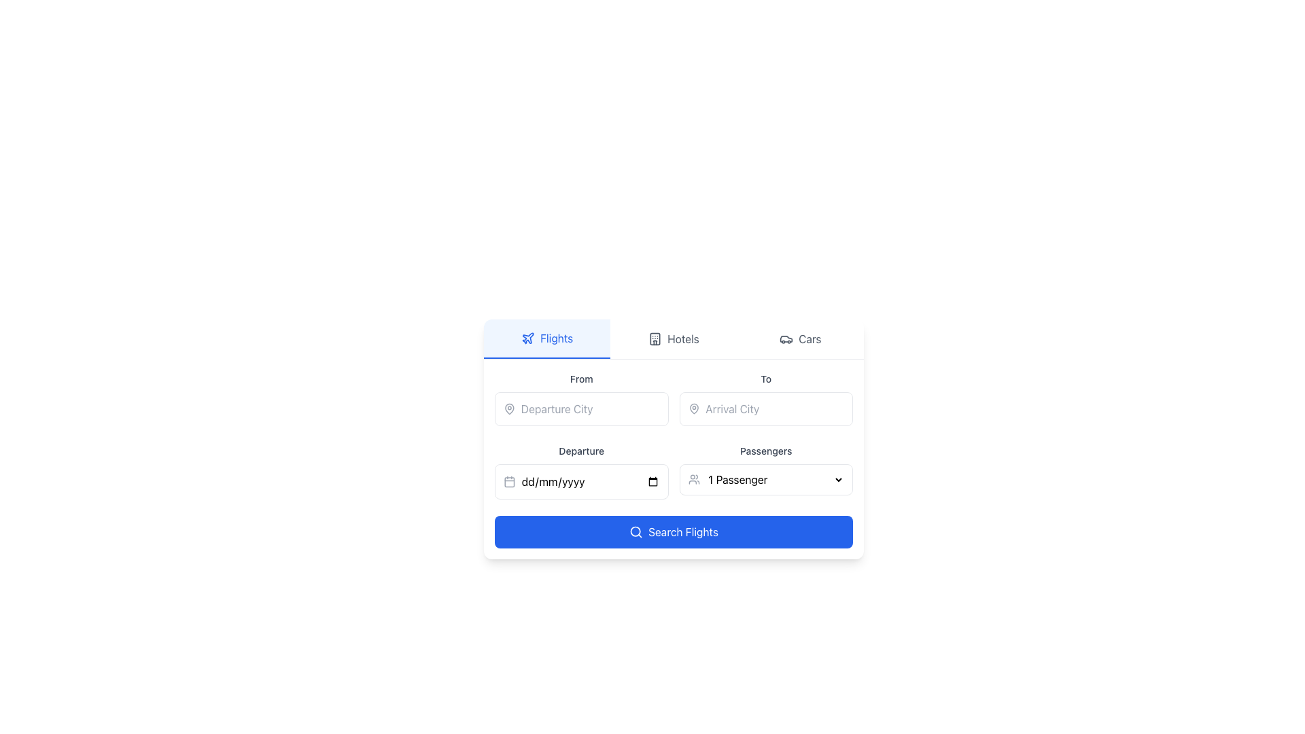  I want to click on the hotel icon located to the left of the 'Hotels' text in the horizontal navigation bar, which features a rectangular base and small shapes suggesting windows, so click(655, 338).